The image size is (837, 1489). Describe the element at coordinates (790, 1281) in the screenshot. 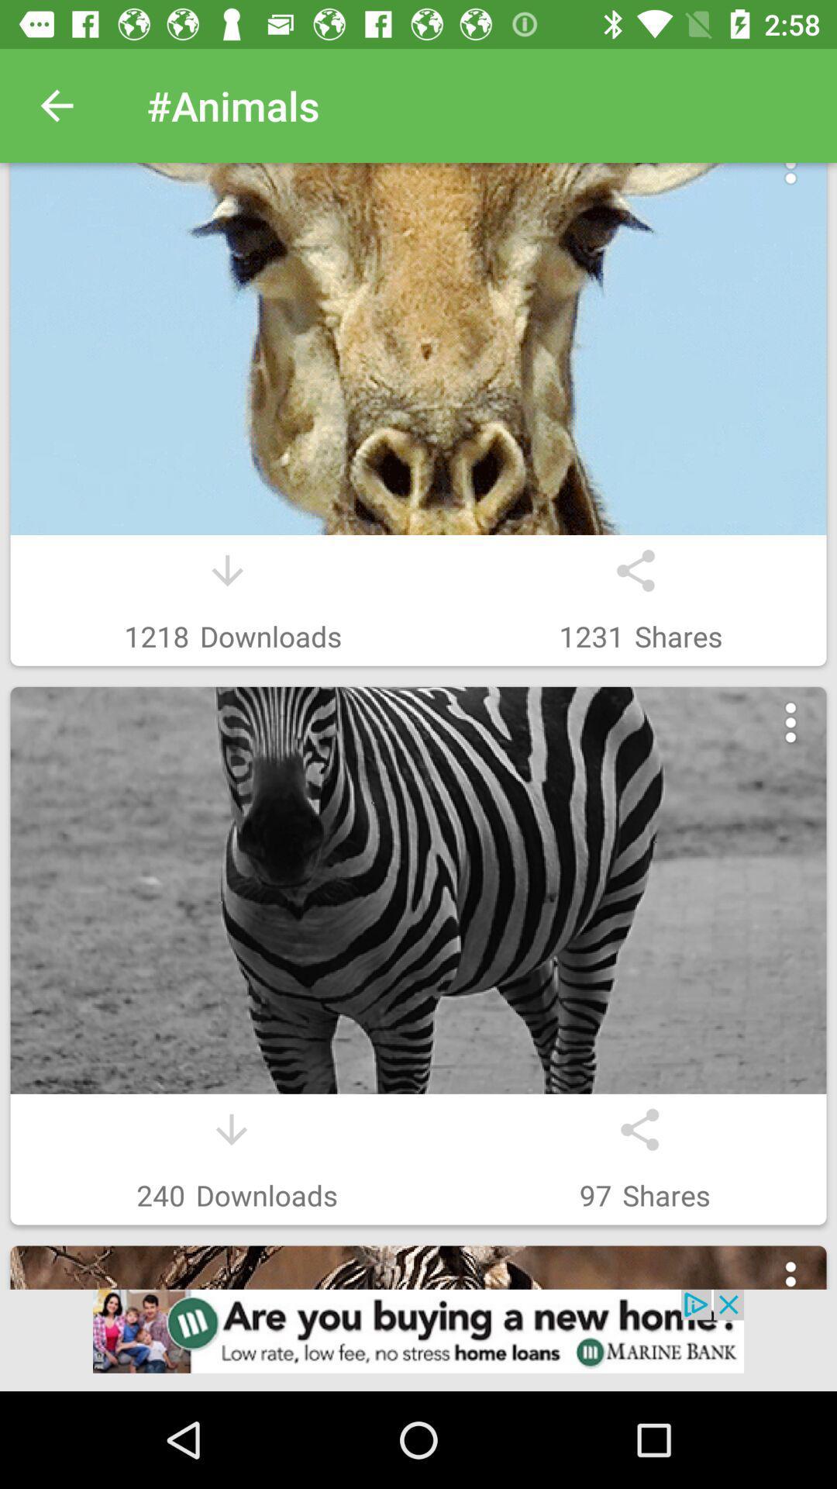

I see `look at more options` at that location.